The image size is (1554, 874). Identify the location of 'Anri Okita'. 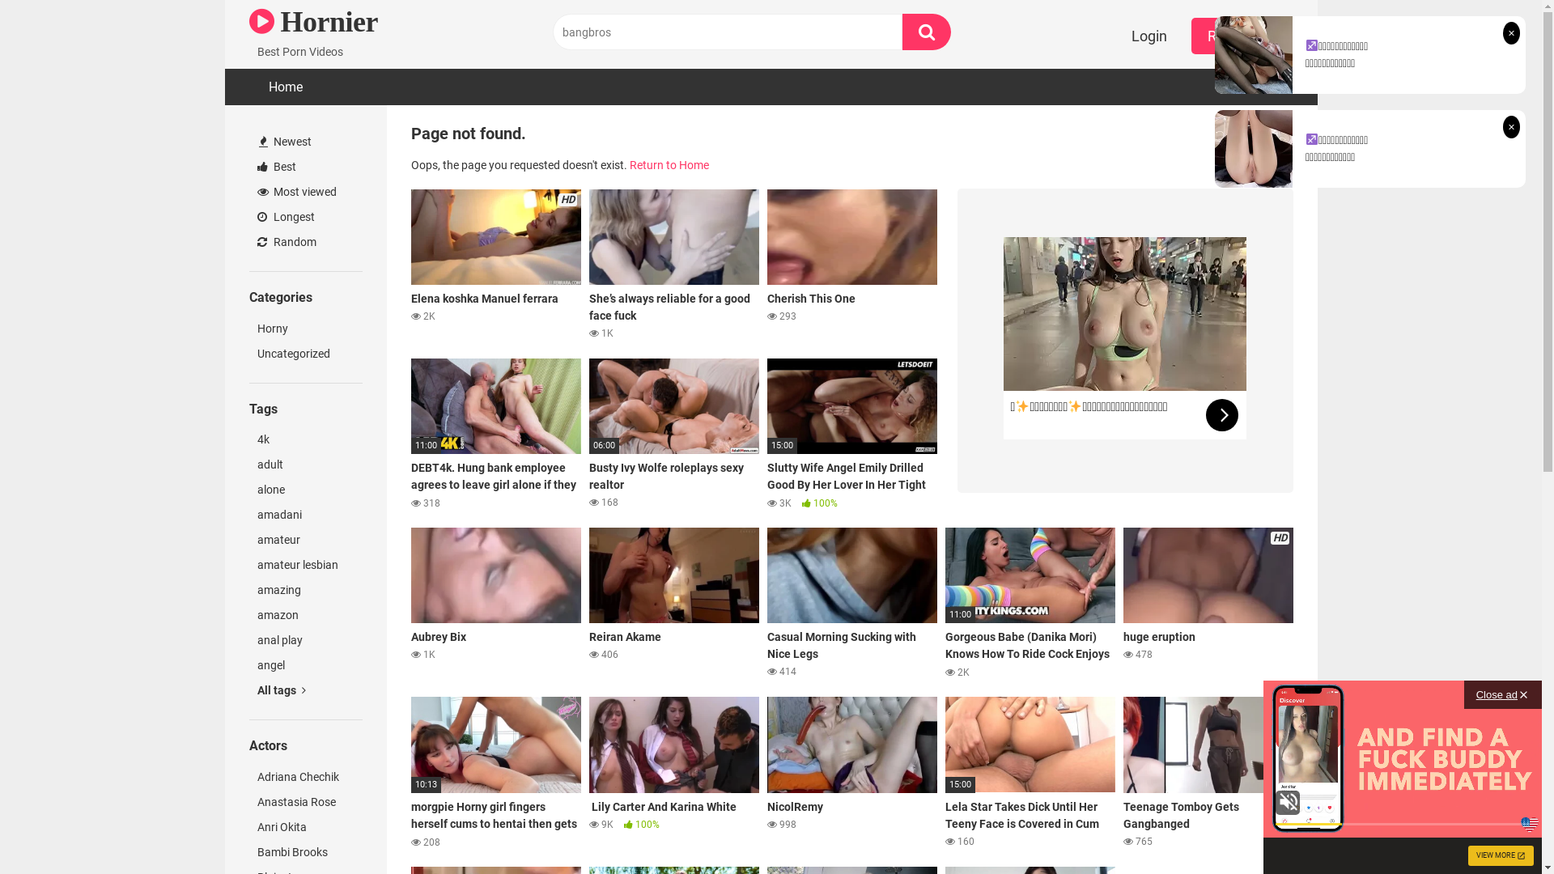
(248, 827).